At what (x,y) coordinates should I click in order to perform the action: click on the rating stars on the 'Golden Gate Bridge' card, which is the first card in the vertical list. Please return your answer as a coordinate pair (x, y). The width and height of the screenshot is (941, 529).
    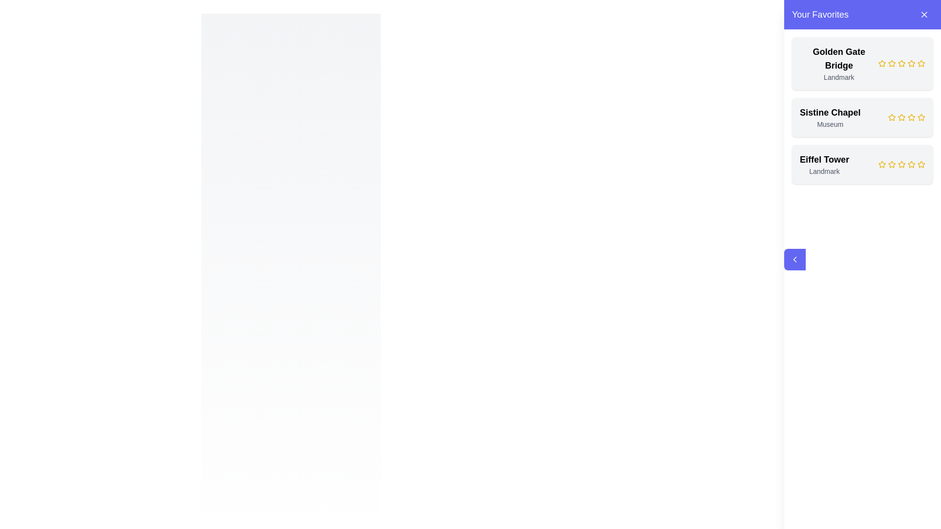
    Looking at the image, I should click on (863, 64).